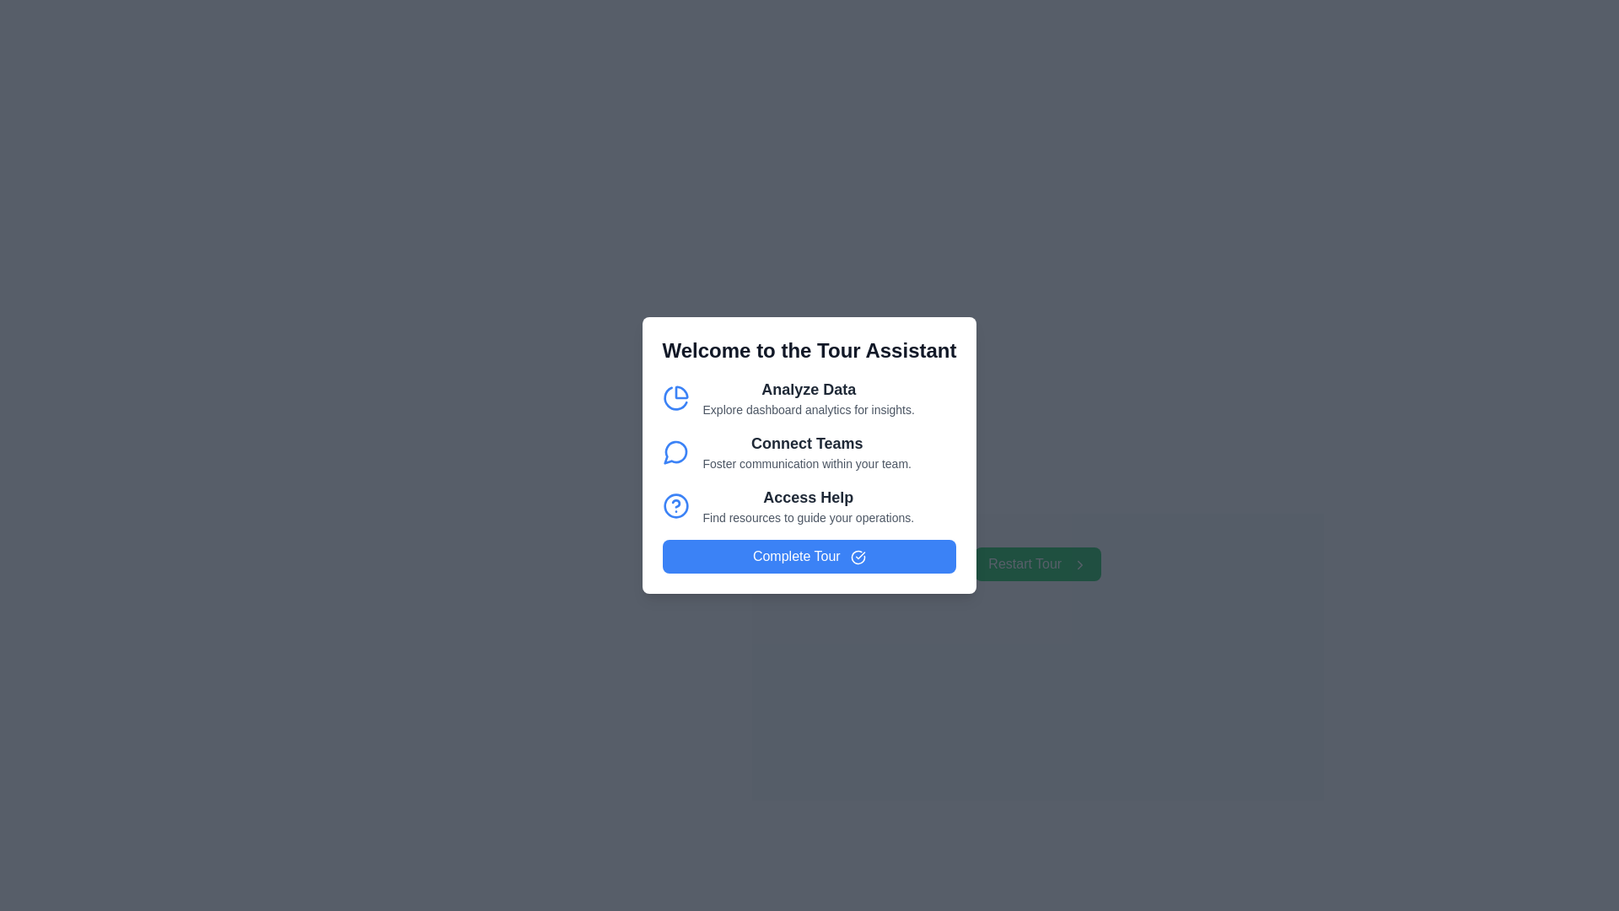  I want to click on the green 'Restart Tour' button with rounded corners and white text, so click(1036, 563).